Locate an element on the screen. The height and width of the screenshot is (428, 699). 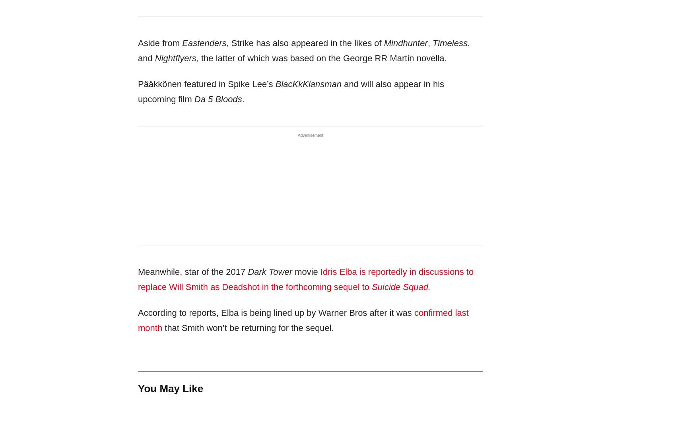
'Timeless' is located at coordinates (448, 43).